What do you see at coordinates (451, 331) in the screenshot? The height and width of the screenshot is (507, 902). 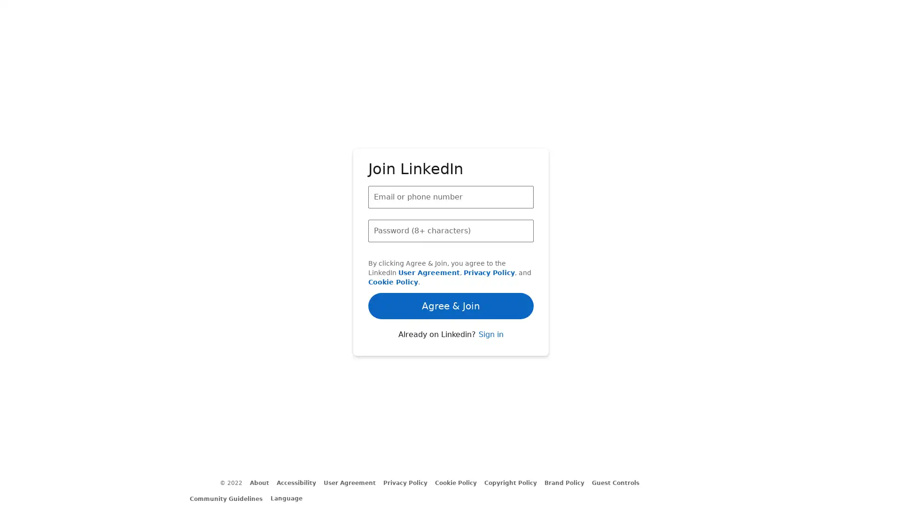 I see `Join with Google` at bounding box center [451, 331].